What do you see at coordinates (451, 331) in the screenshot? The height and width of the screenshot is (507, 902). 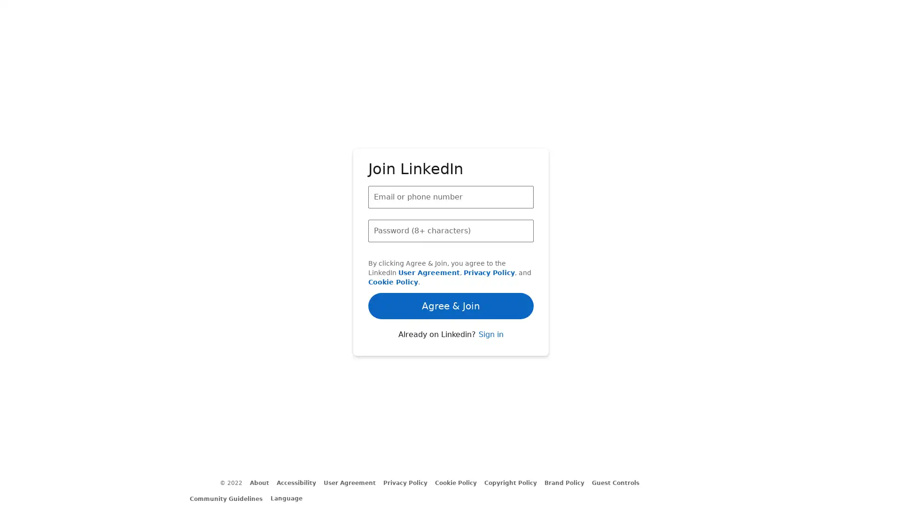 I see `Join with Google` at bounding box center [451, 331].